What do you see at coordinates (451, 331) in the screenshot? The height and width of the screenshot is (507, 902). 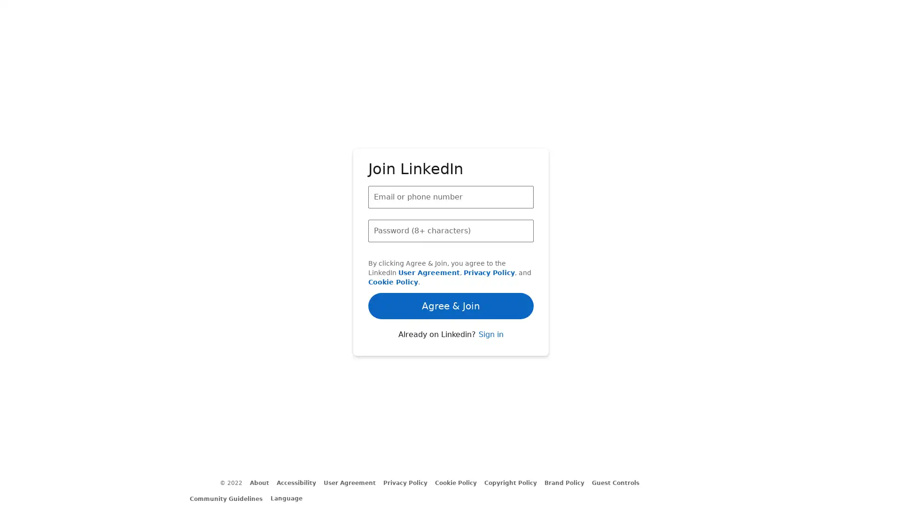 I see `Join with Google` at bounding box center [451, 331].